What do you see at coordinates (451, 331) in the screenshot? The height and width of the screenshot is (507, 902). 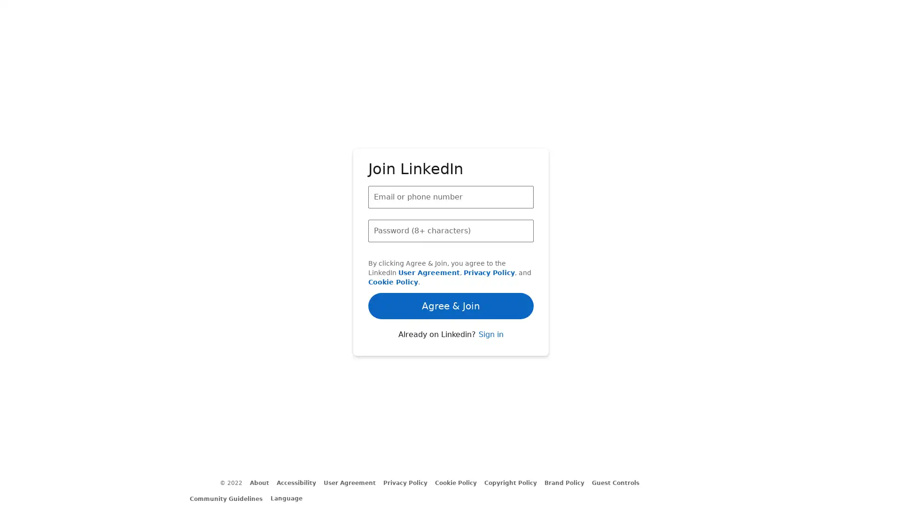 I see `Join with Google` at bounding box center [451, 331].